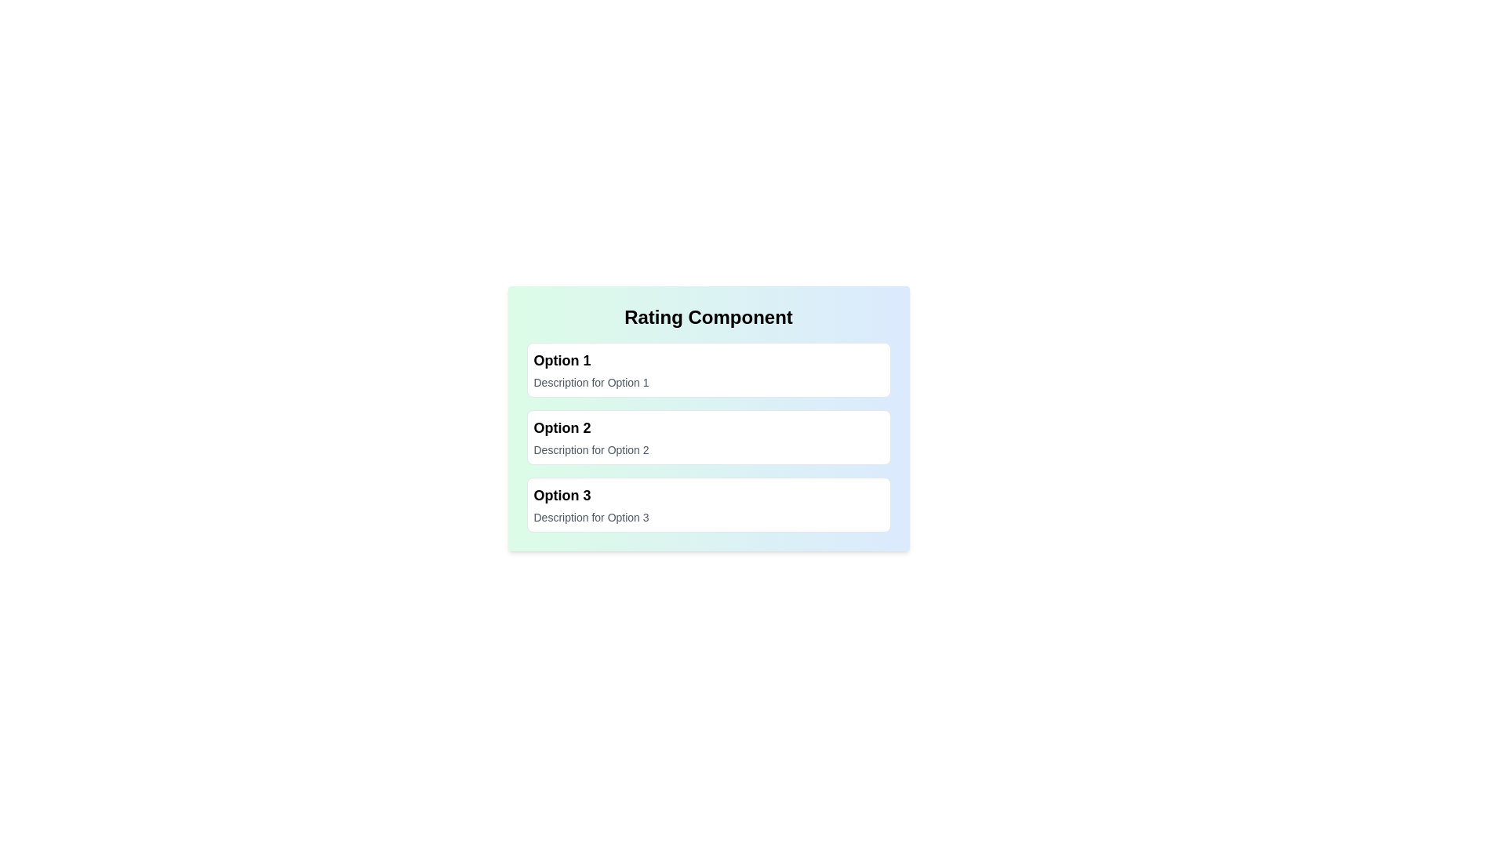  What do you see at coordinates (708, 369) in the screenshot?
I see `the first selectable option in the vertically stacked list` at bounding box center [708, 369].